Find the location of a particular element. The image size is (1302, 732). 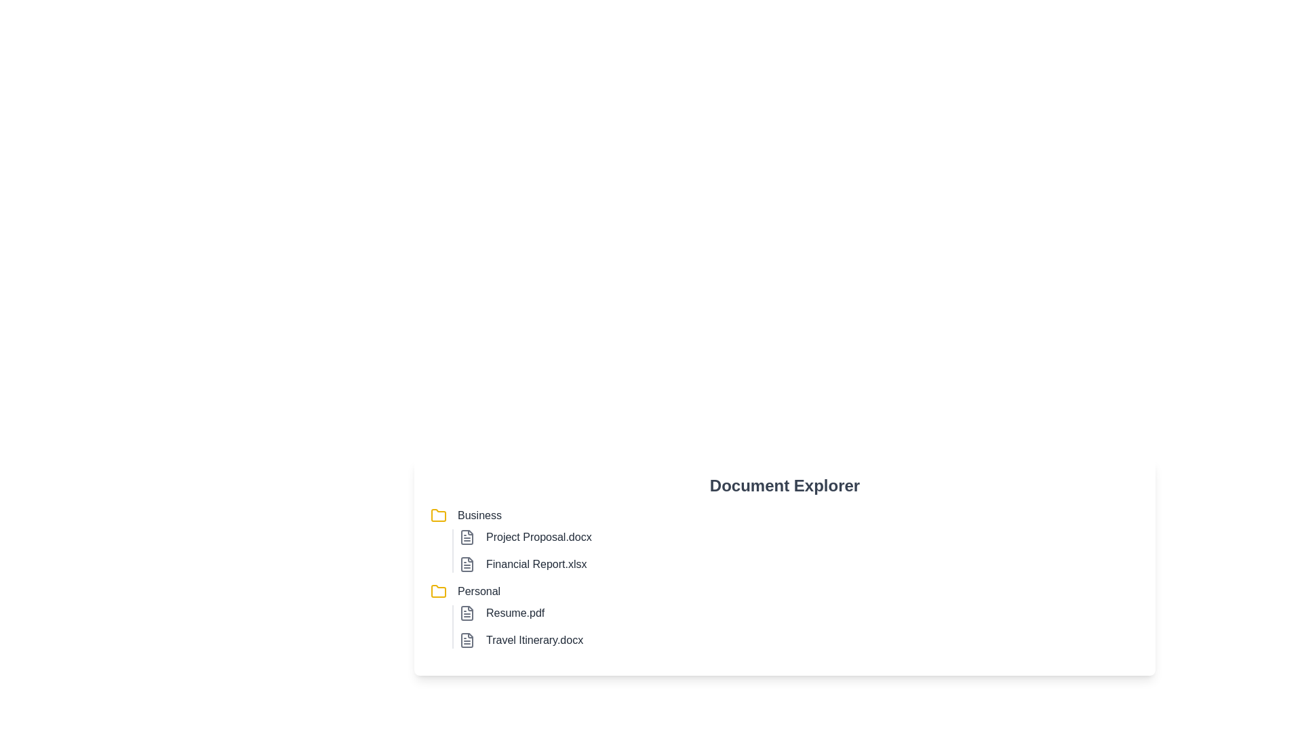

the folder icon, which is depicted with a yellow color and symbolizes a directory, located to the left of the text 'Personal' is located at coordinates (439, 590).